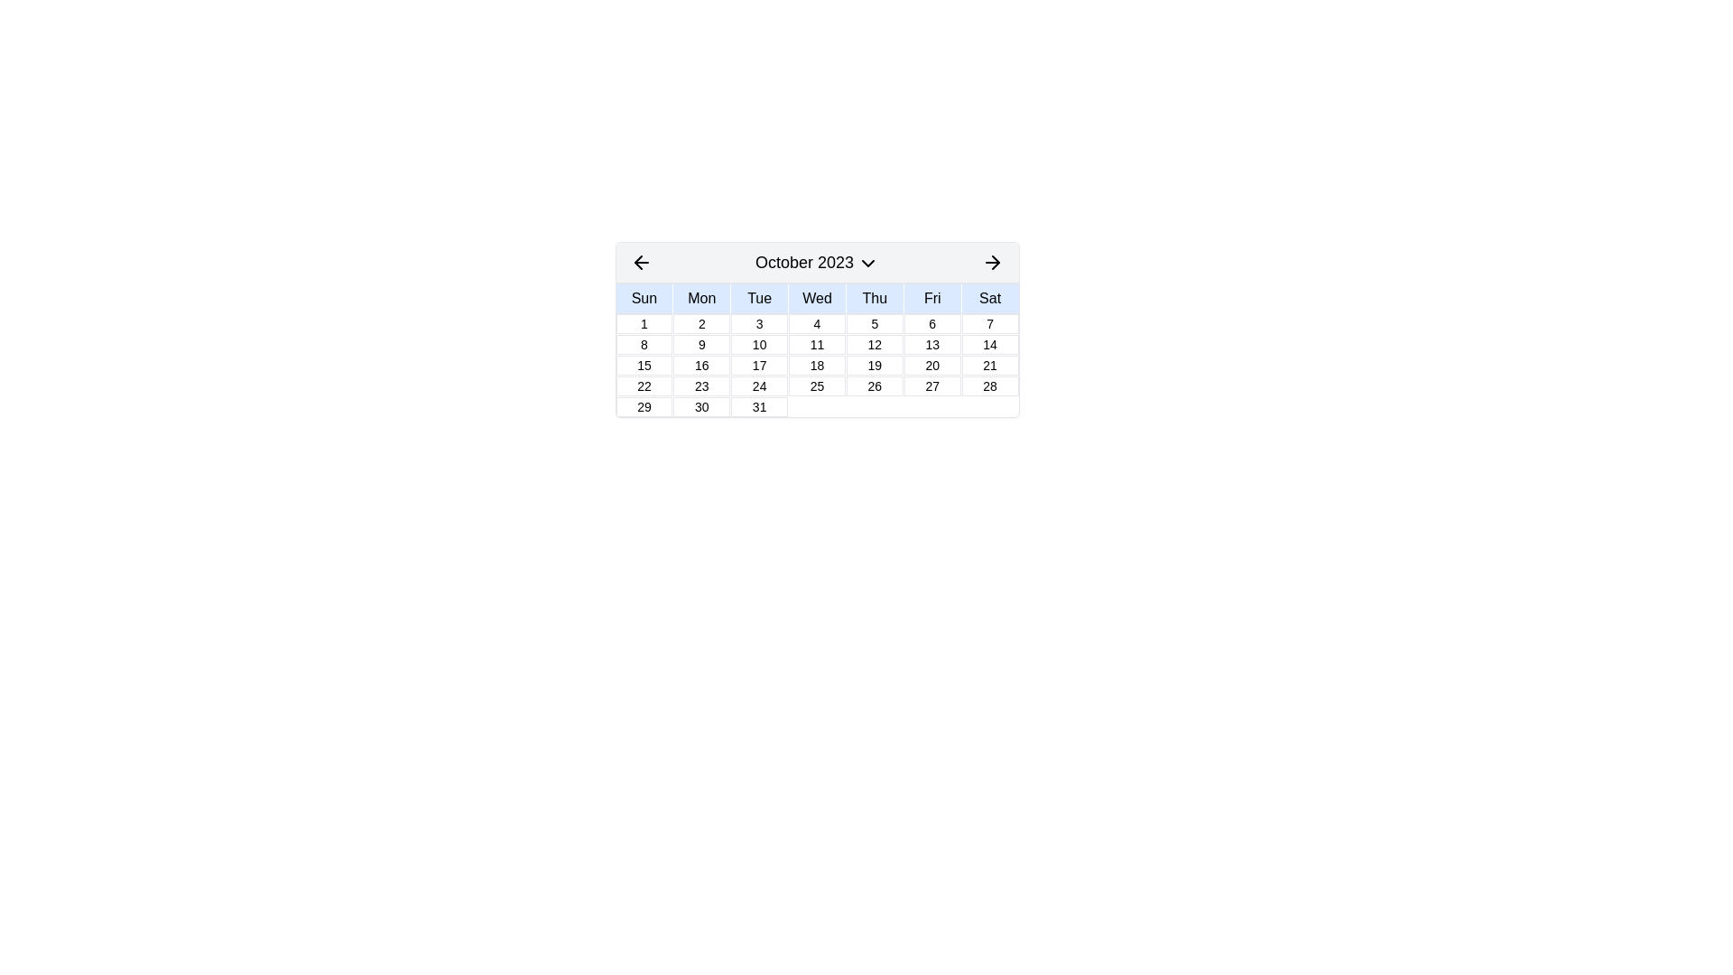 This screenshot has width=1733, height=975. Describe the element at coordinates (644, 385) in the screenshot. I see `the calendar day cell representing the date '22'` at that location.